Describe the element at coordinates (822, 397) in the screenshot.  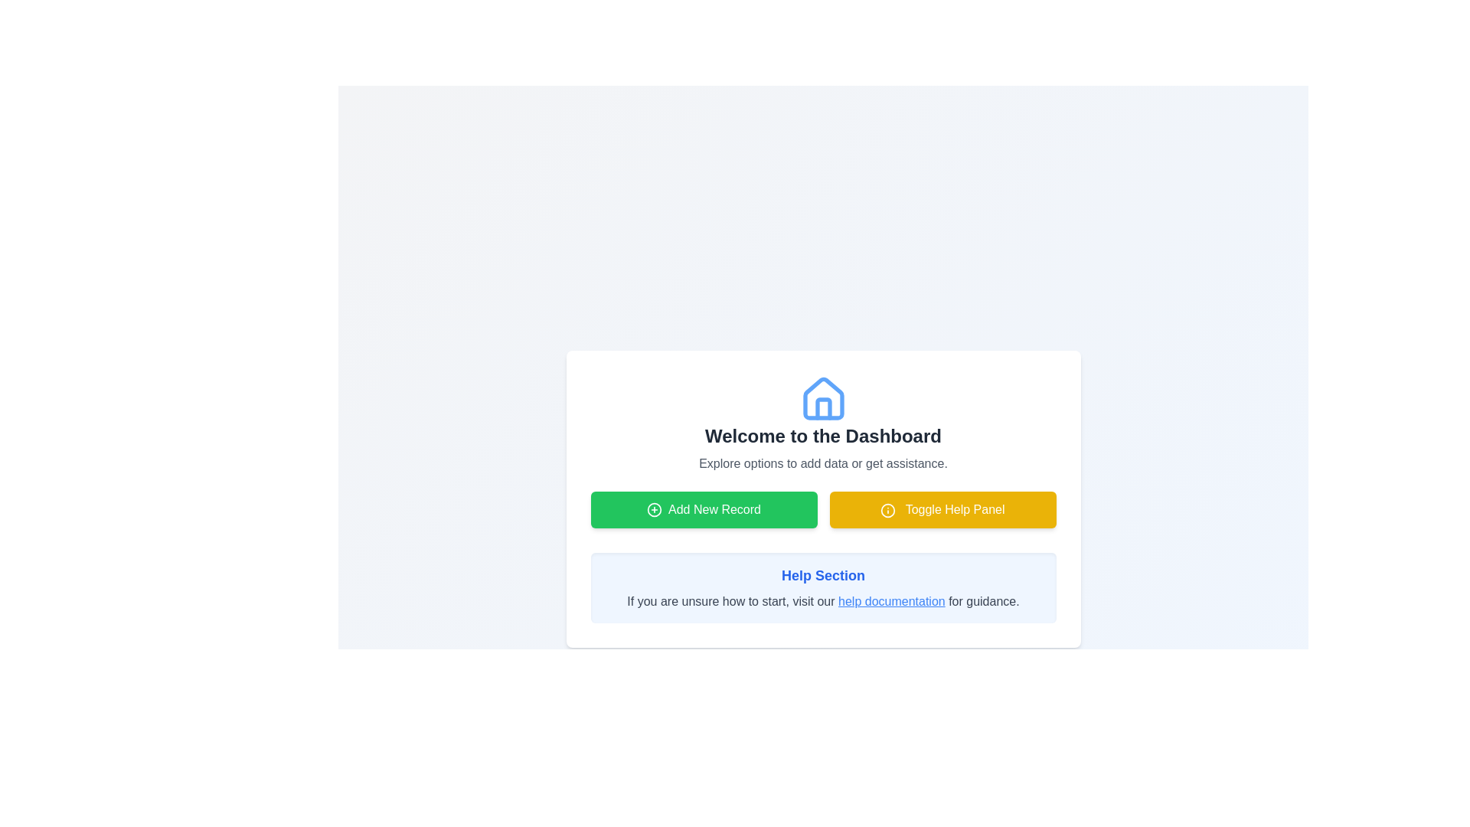
I see `the house-like SVG icon located at the top-center of the interface, above the 'Welcome to the Dashboard' text` at that location.